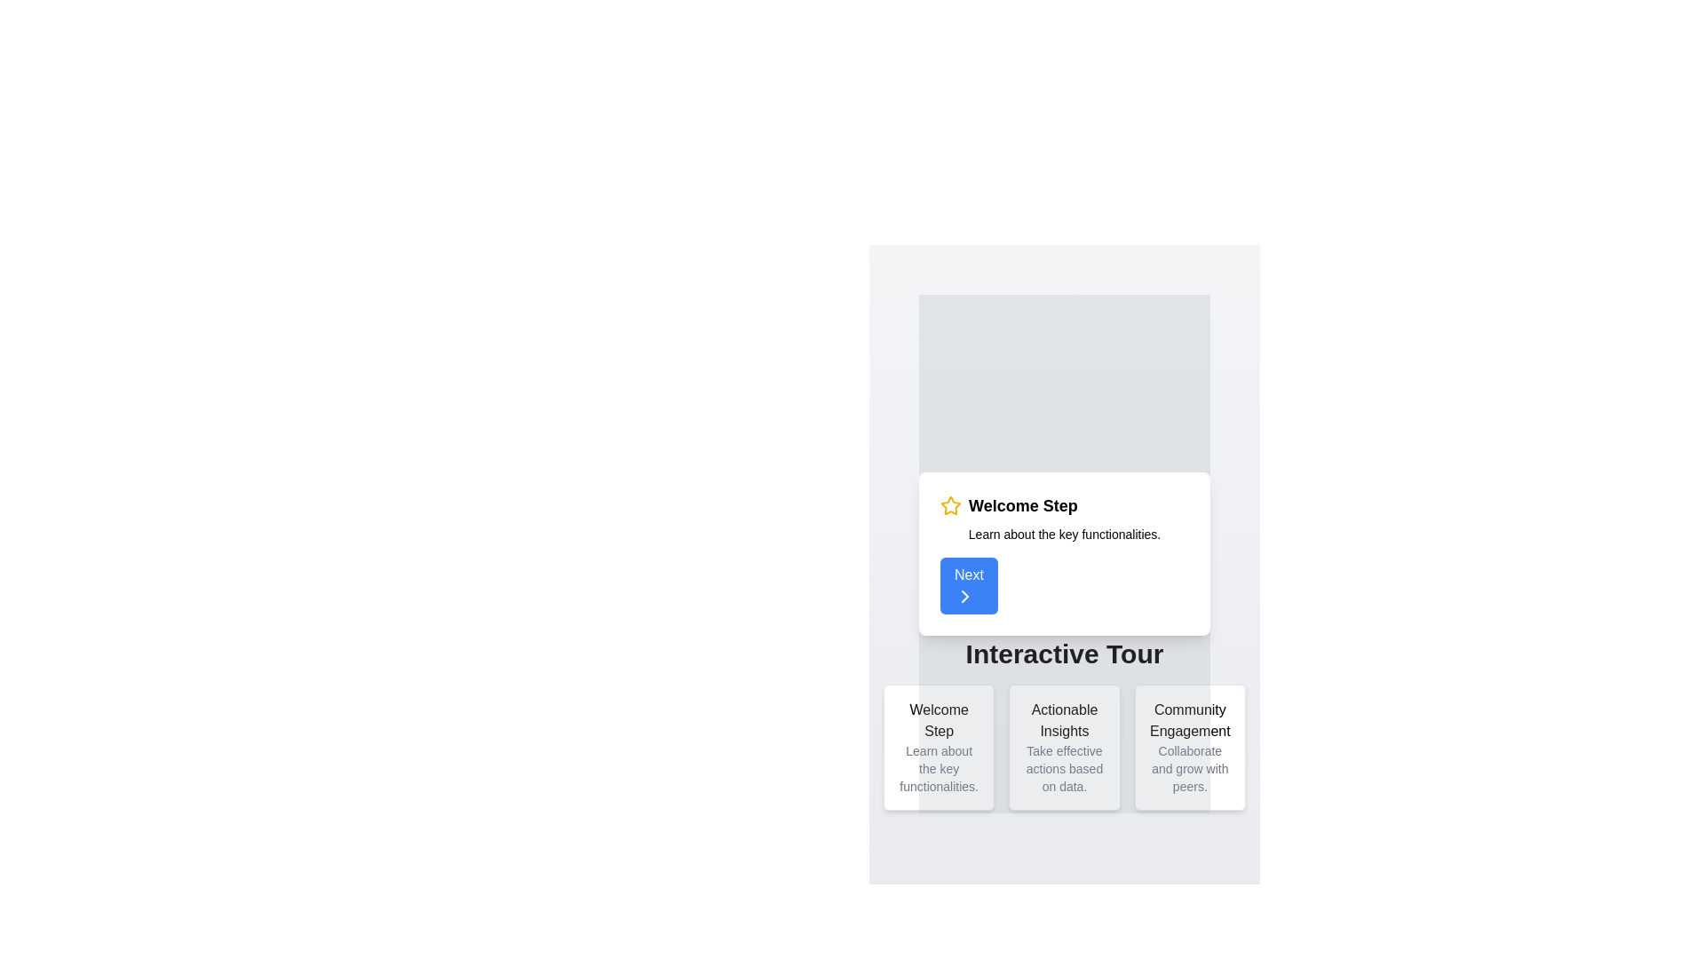  Describe the element at coordinates (1065, 654) in the screenshot. I see `text label located at the bottom of the central card layout, which serves as a heading for the interactive guided tour` at that location.